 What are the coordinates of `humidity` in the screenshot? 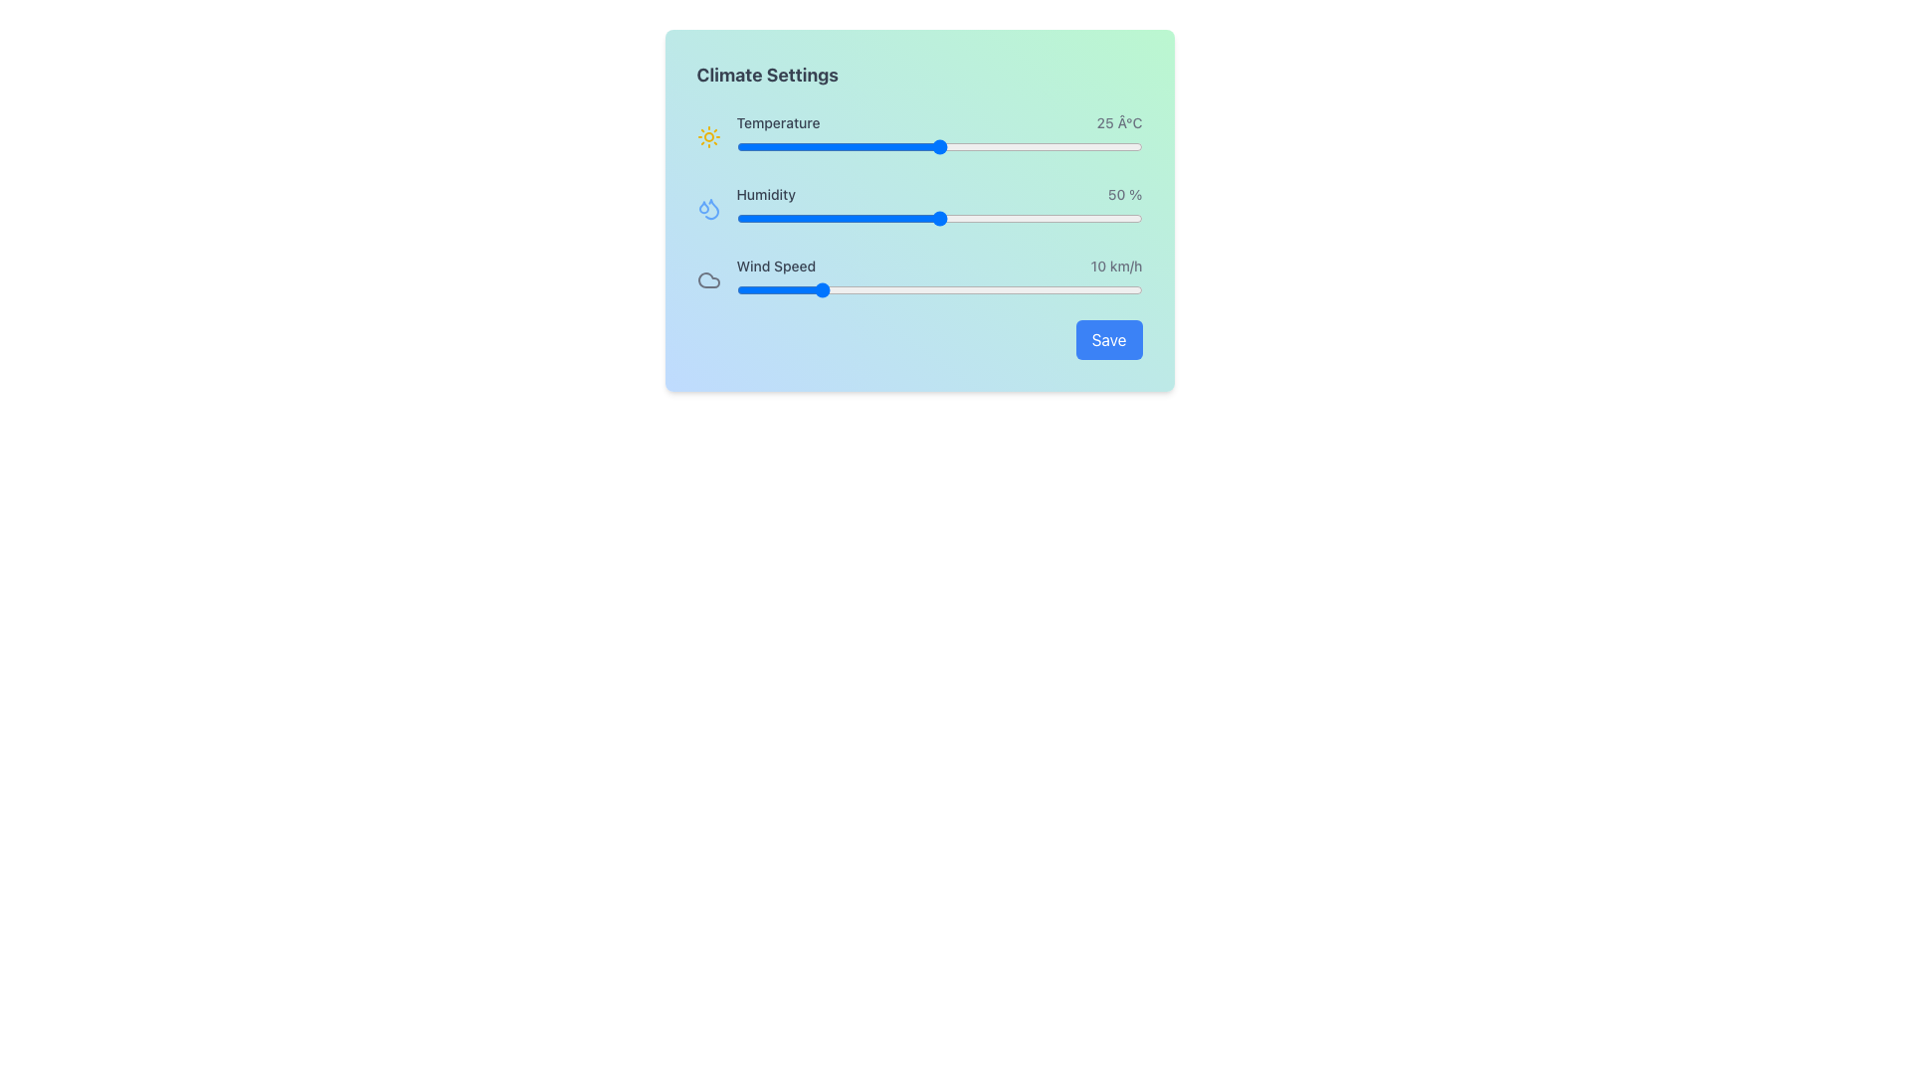 It's located at (776, 218).